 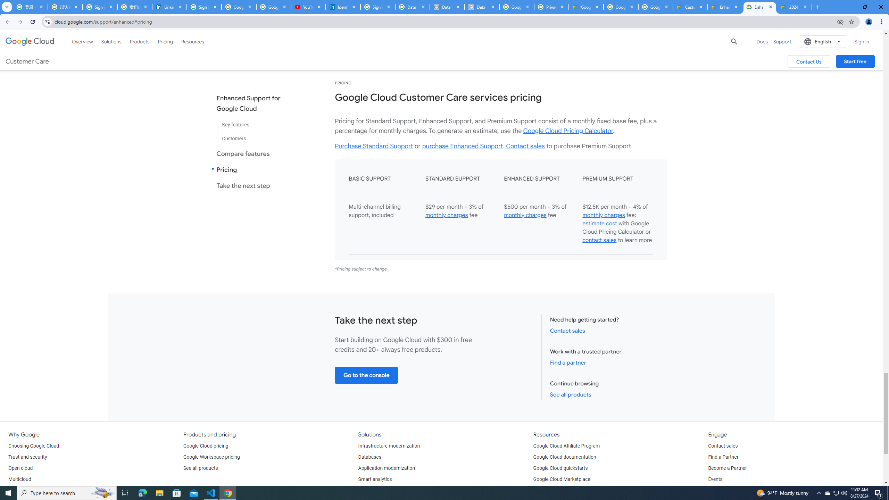 I want to click on 'Databases', so click(x=369, y=457).